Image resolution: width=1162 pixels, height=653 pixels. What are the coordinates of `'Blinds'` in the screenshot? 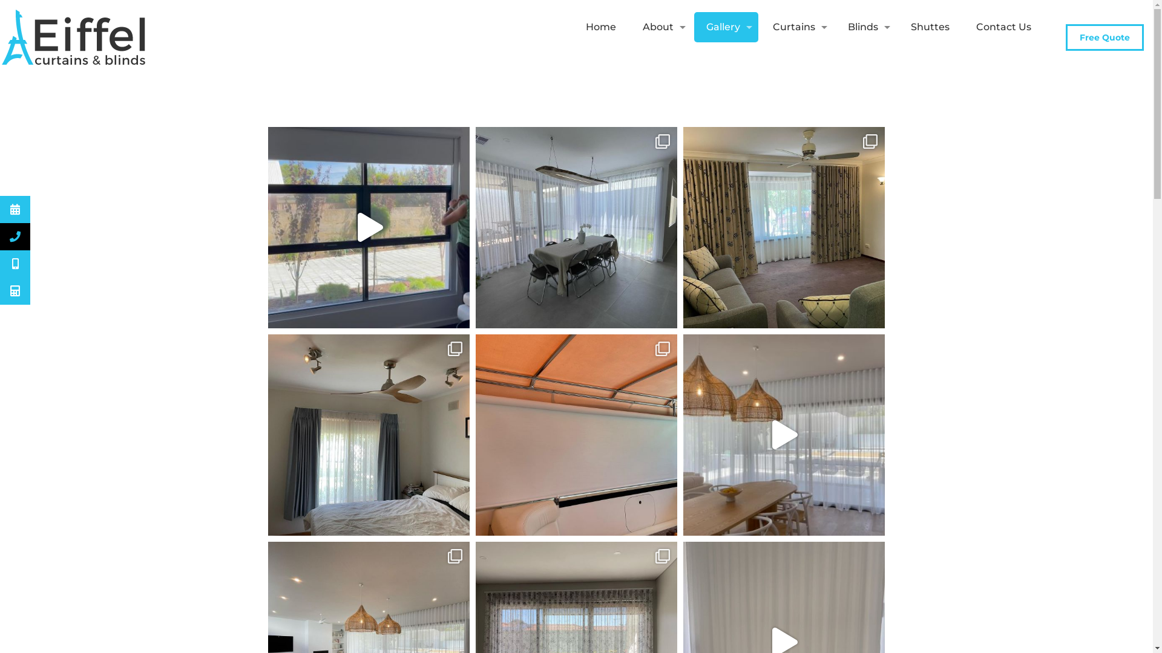 It's located at (865, 27).